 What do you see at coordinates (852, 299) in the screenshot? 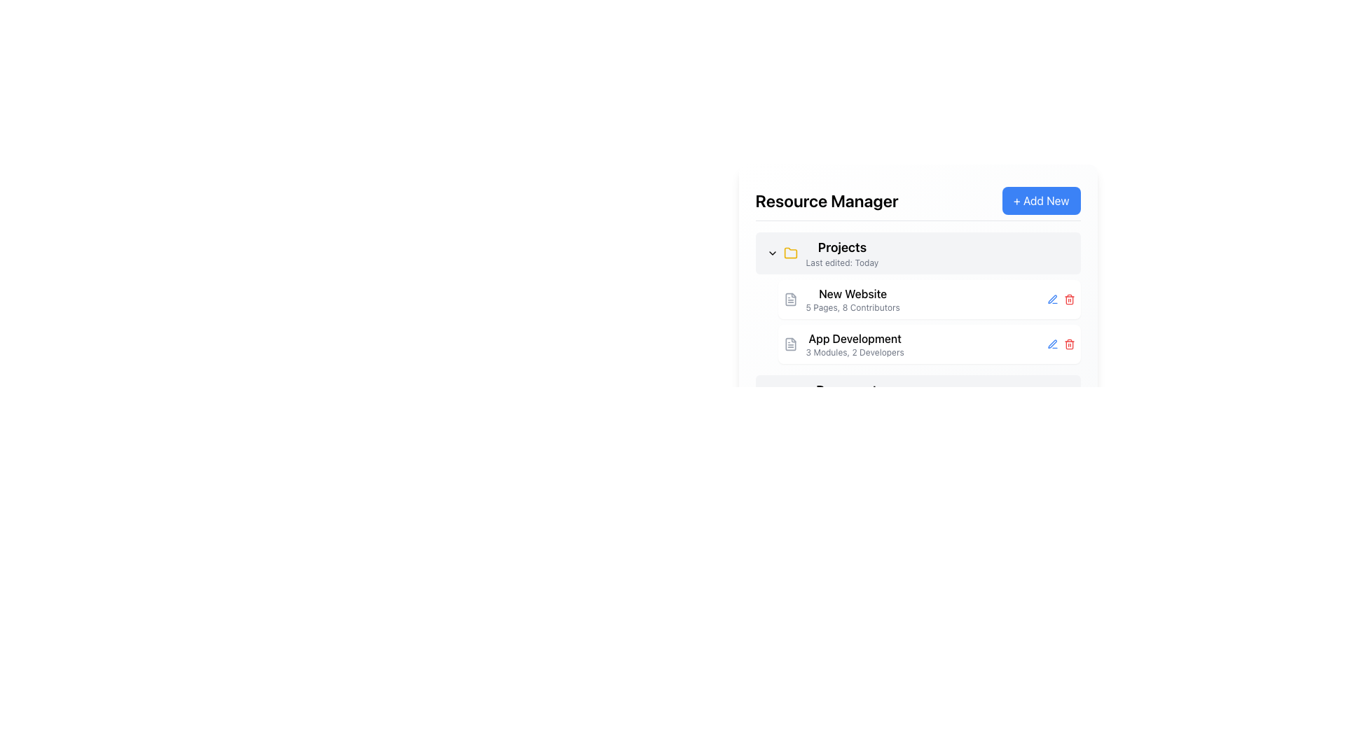
I see `the informational text block displaying project details for 'New Website' in the 'Projects' section of the 'Resource Manager'` at bounding box center [852, 299].